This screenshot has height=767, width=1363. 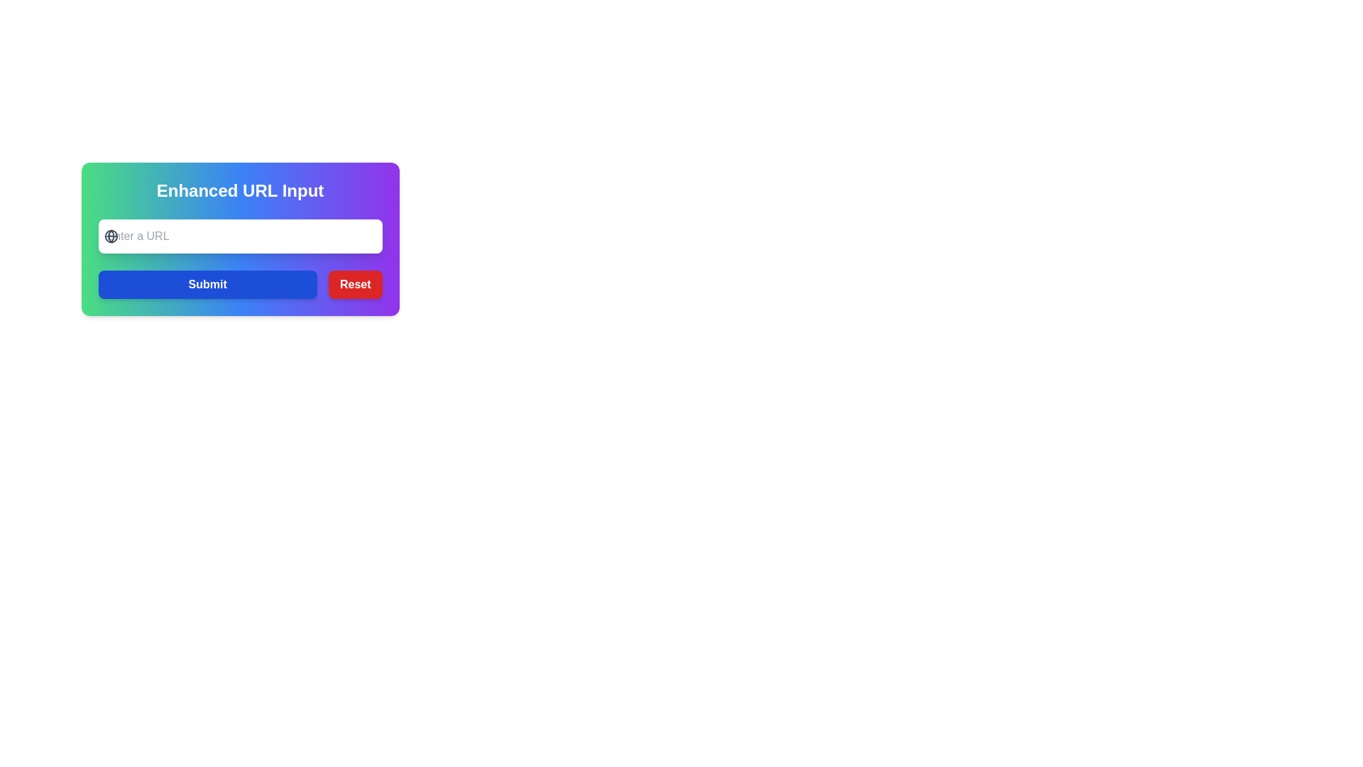 I want to click on the reset button located to the right of the 'Submit' button at the bottom section of the interface to reset the current inputs or settings back to their default state, so click(x=355, y=285).